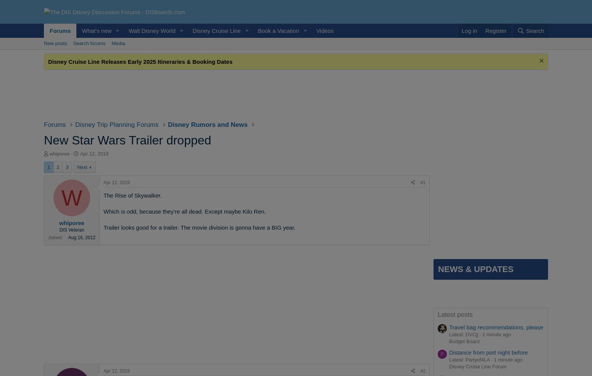 The width and height of the screenshot is (592, 376). I want to click on 'Travel bag recommendations, please', so click(449, 326).